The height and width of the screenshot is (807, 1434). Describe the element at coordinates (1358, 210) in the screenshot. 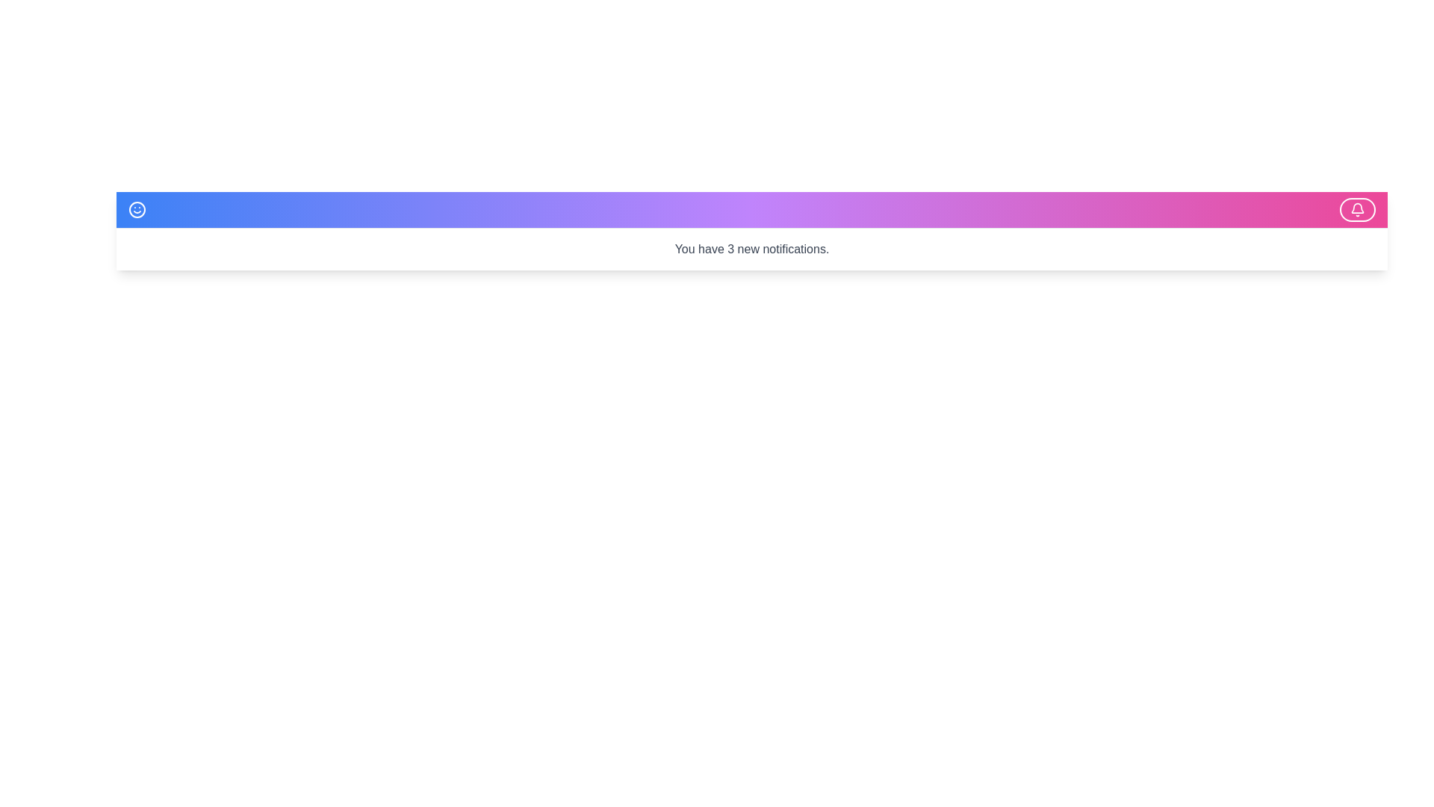

I see `the bell icon located inside the button in the top-right corner of the interface` at that location.